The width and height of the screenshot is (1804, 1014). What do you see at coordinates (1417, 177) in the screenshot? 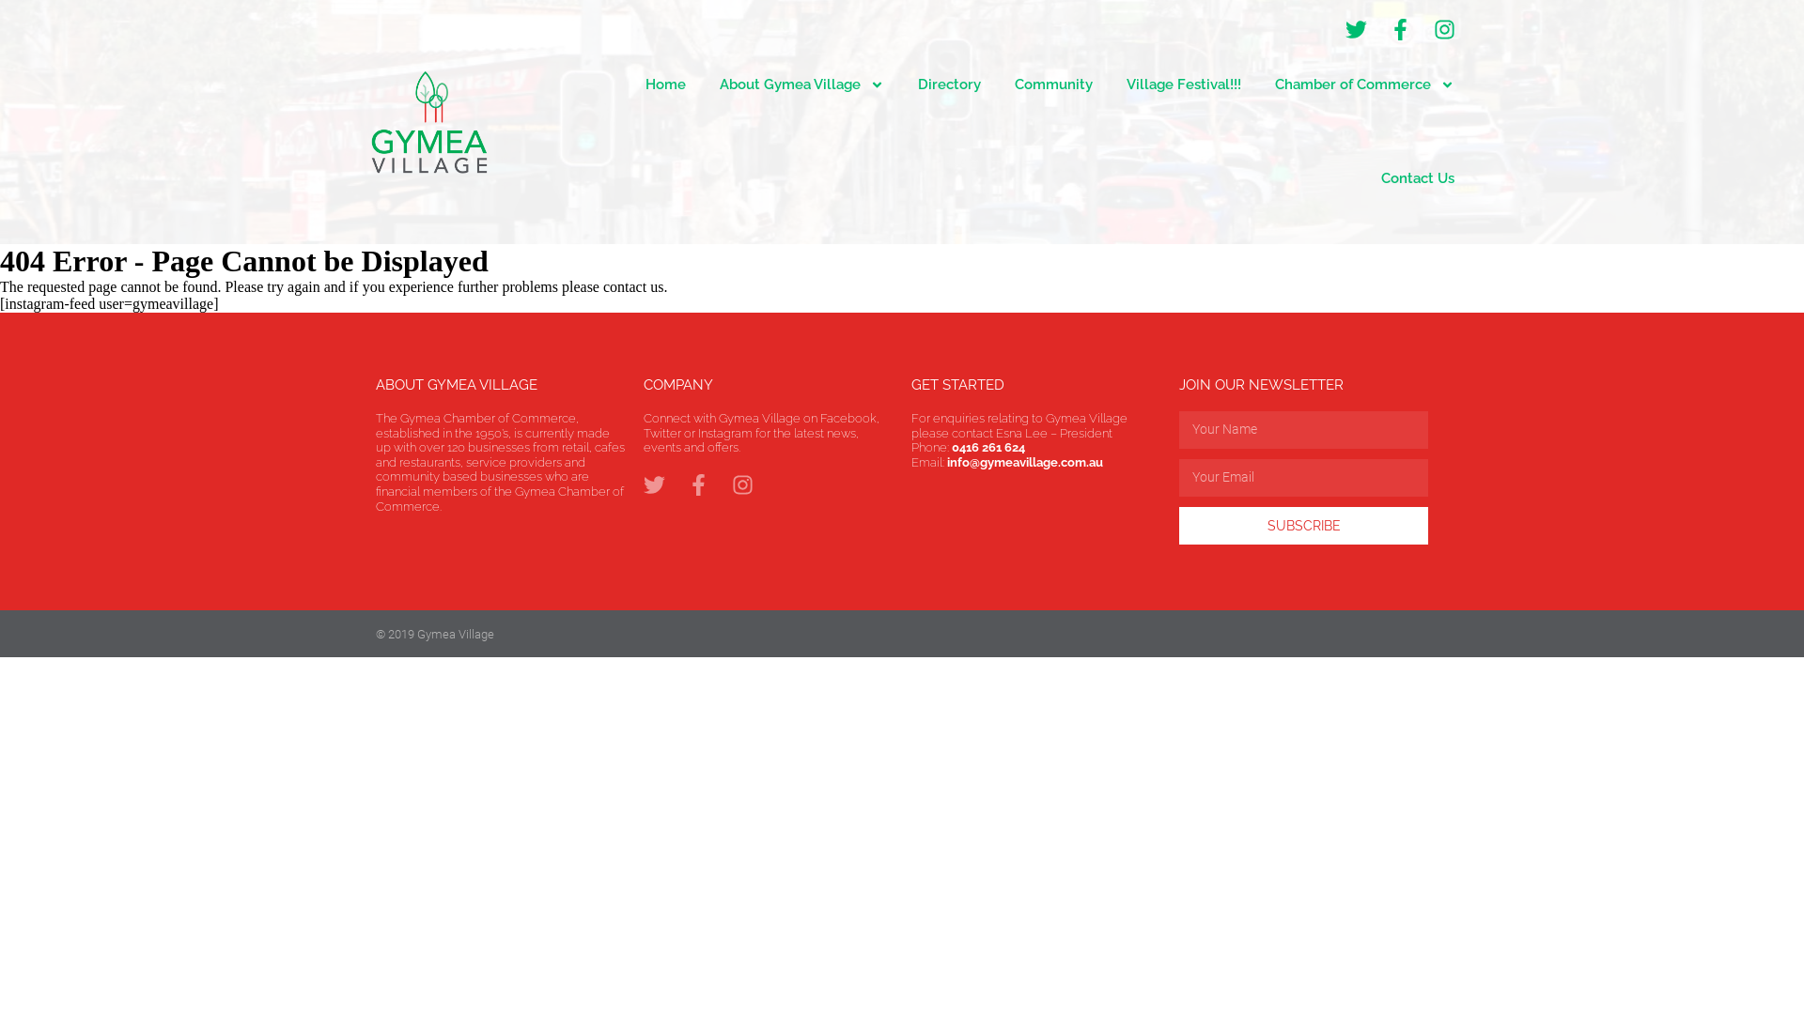
I see `'Contact Us'` at bounding box center [1417, 177].